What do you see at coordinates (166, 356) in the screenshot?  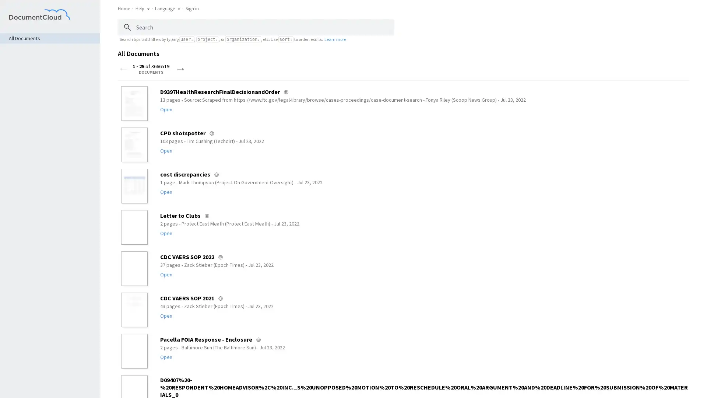 I see `Open` at bounding box center [166, 356].